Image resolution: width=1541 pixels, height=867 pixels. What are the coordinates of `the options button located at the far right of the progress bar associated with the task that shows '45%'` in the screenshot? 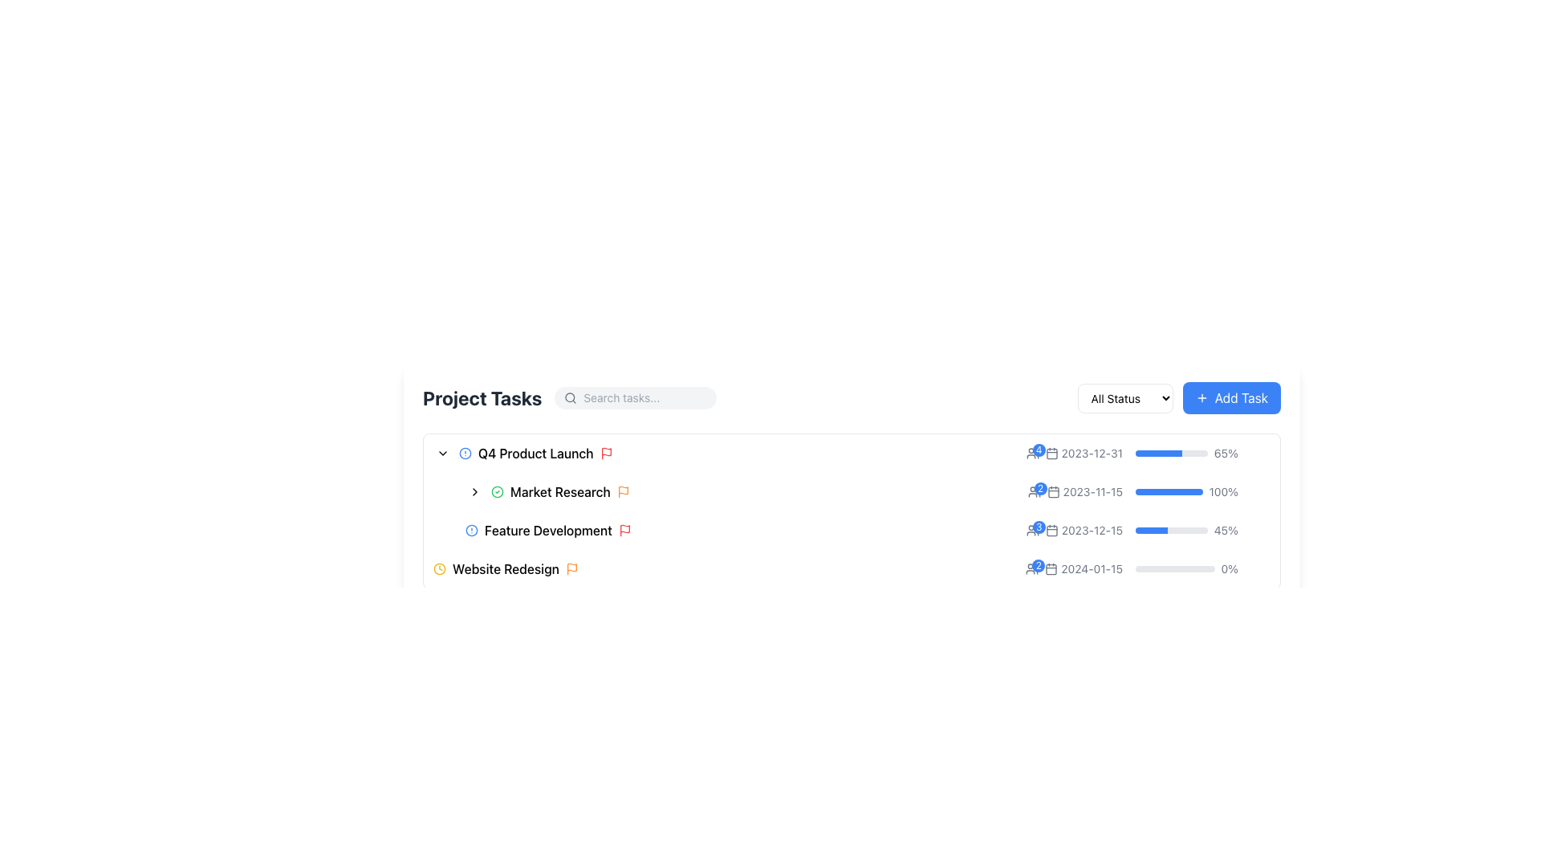 It's located at (1259, 530).